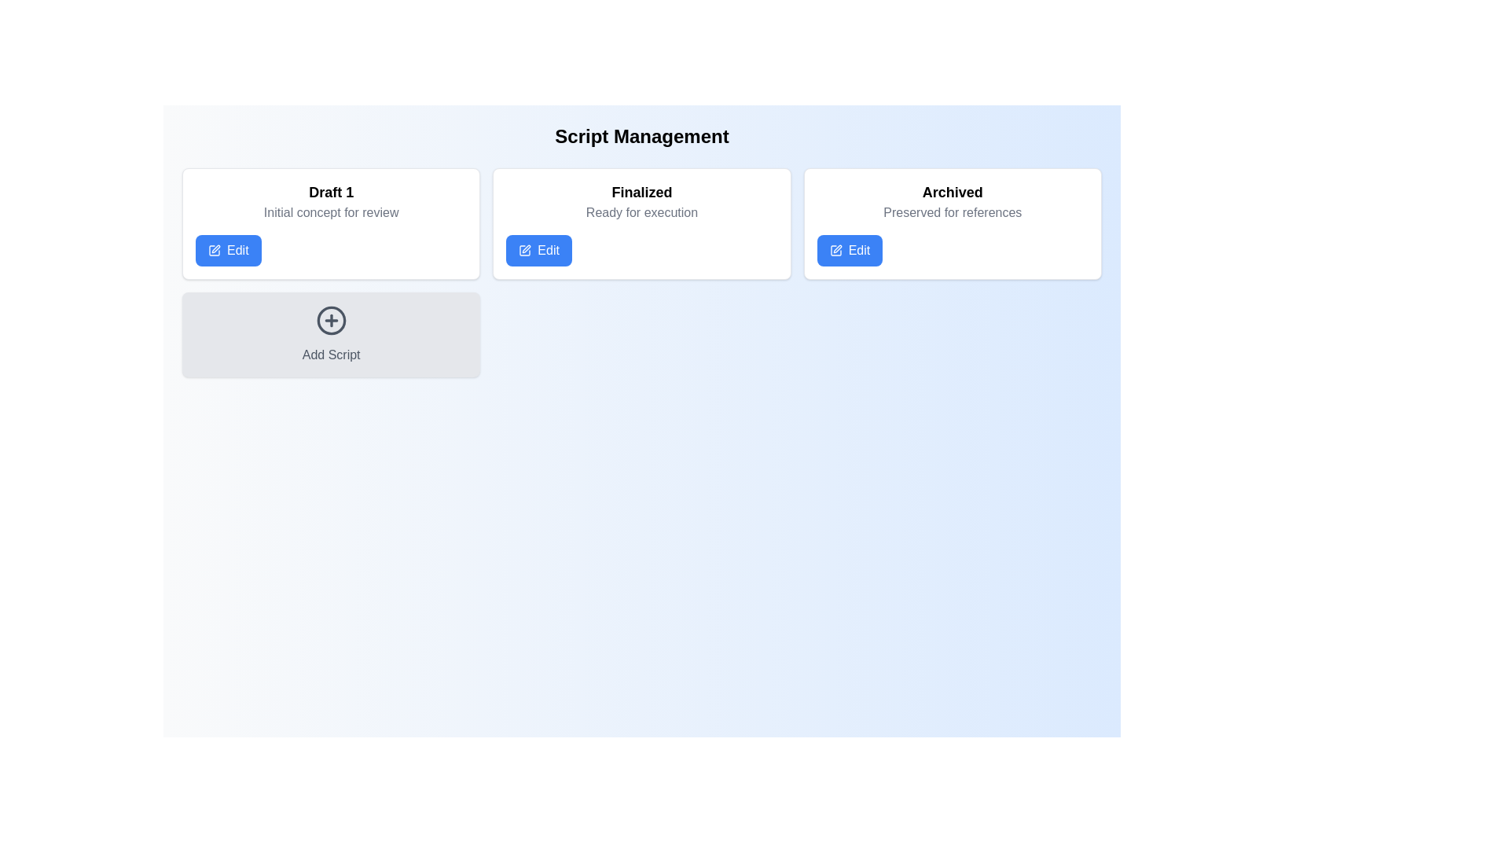 This screenshot has height=849, width=1509. What do you see at coordinates (952, 224) in the screenshot?
I see `information displayed on the 'Archived' status card located in the third column of the grid layout, to the right of the 'Finalized' card` at bounding box center [952, 224].